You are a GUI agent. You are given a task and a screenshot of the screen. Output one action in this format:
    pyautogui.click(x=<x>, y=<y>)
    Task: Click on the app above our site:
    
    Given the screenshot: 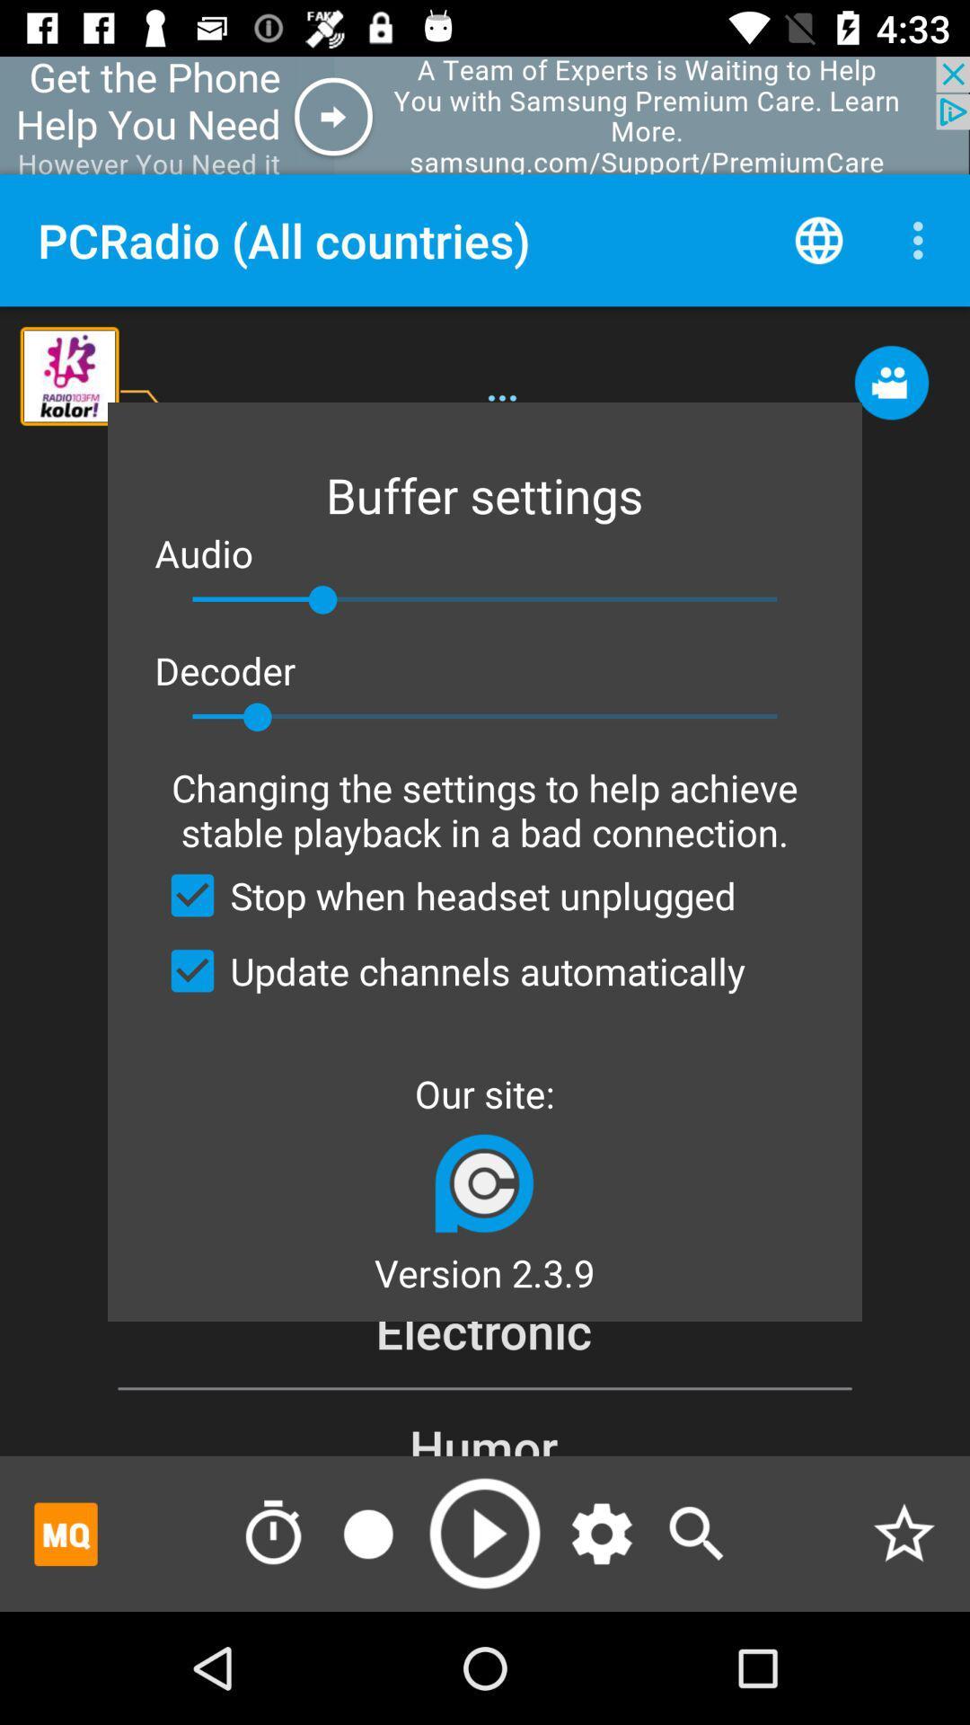 What is the action you would take?
    pyautogui.click(x=449, y=969)
    